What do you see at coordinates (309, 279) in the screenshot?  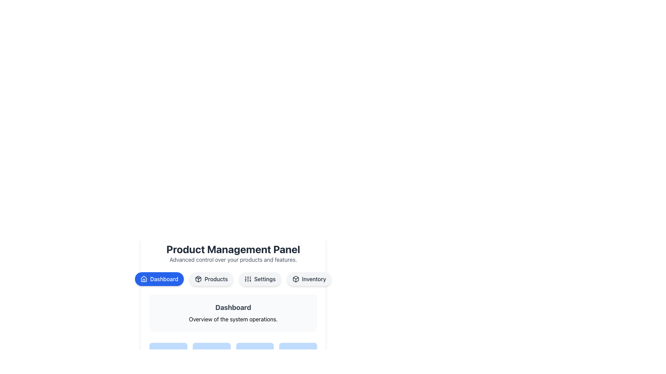 I see `the 'Inventory' Navigation button, which is a pill-shaped button with a light gray background and an icon of a box outline` at bounding box center [309, 279].